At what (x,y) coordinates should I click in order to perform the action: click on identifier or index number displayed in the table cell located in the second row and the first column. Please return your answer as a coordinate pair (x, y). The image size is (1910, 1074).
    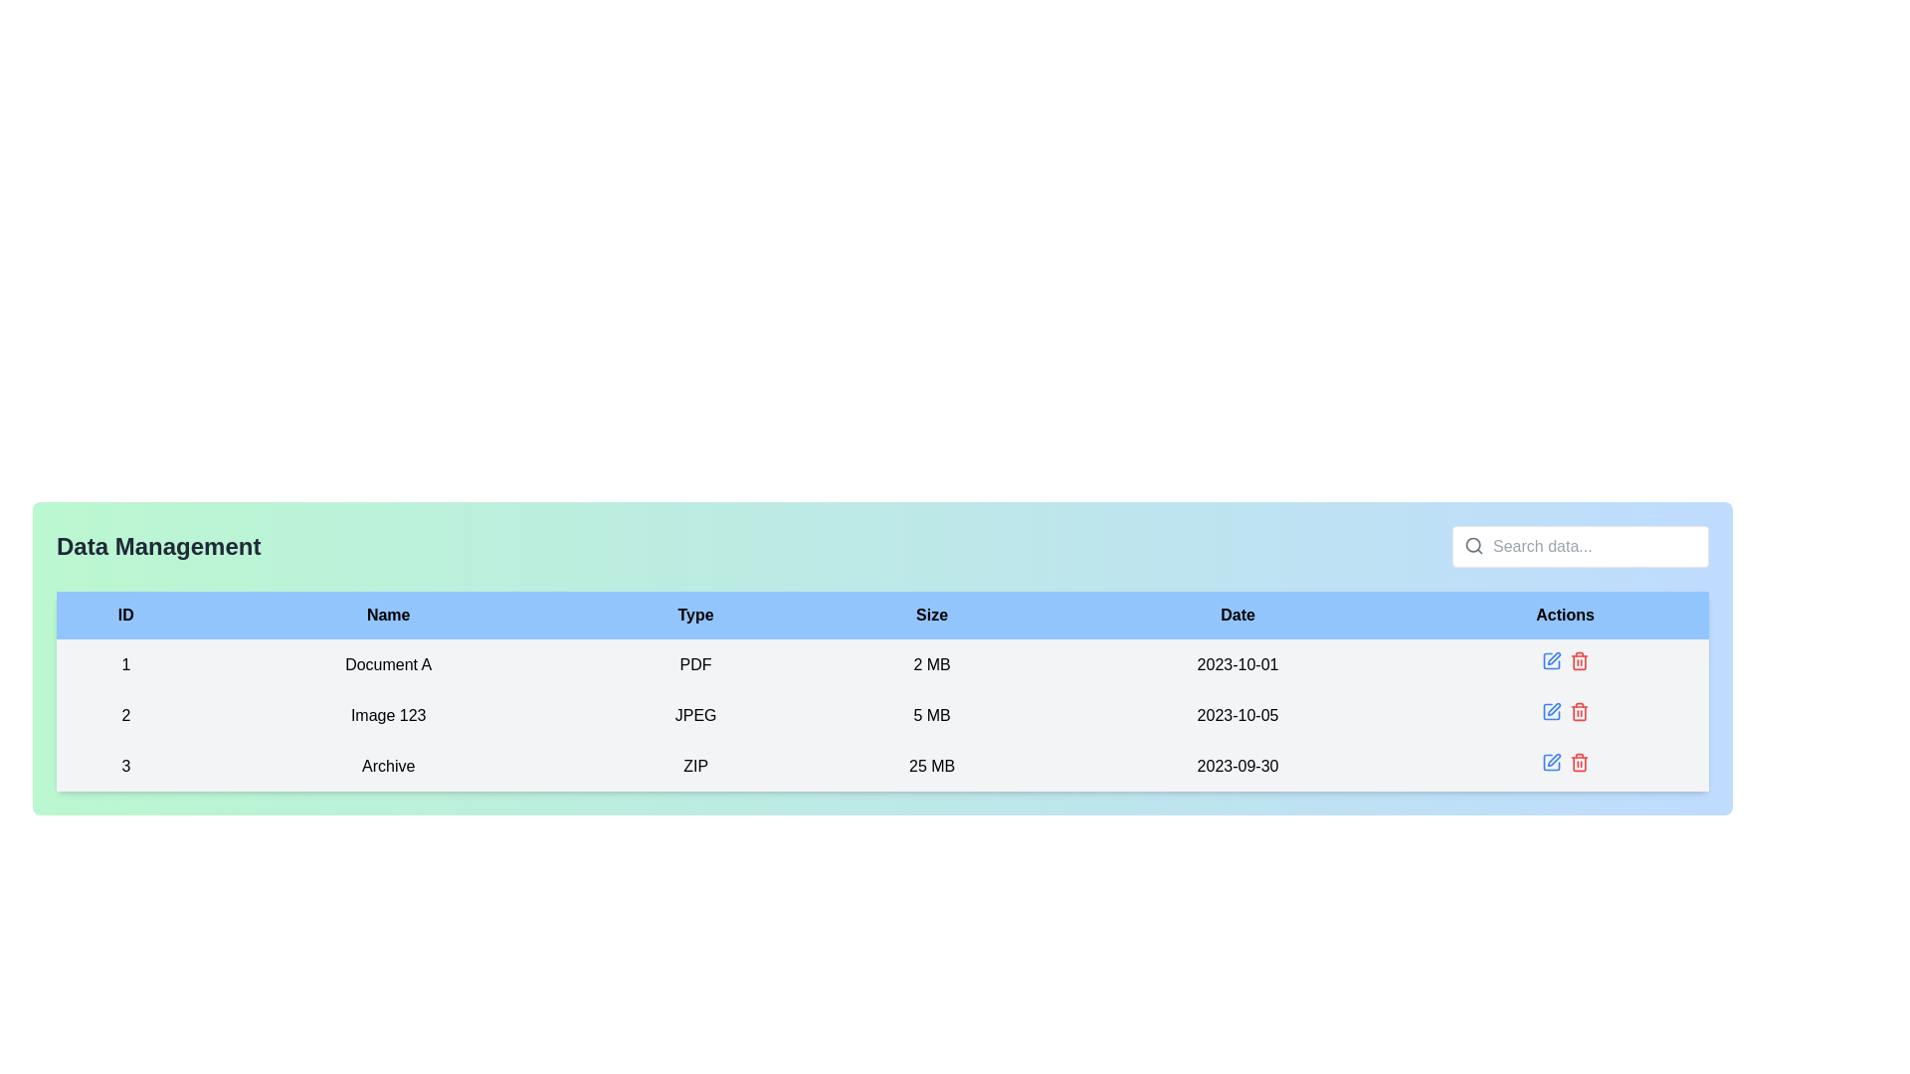
    Looking at the image, I should click on (124, 714).